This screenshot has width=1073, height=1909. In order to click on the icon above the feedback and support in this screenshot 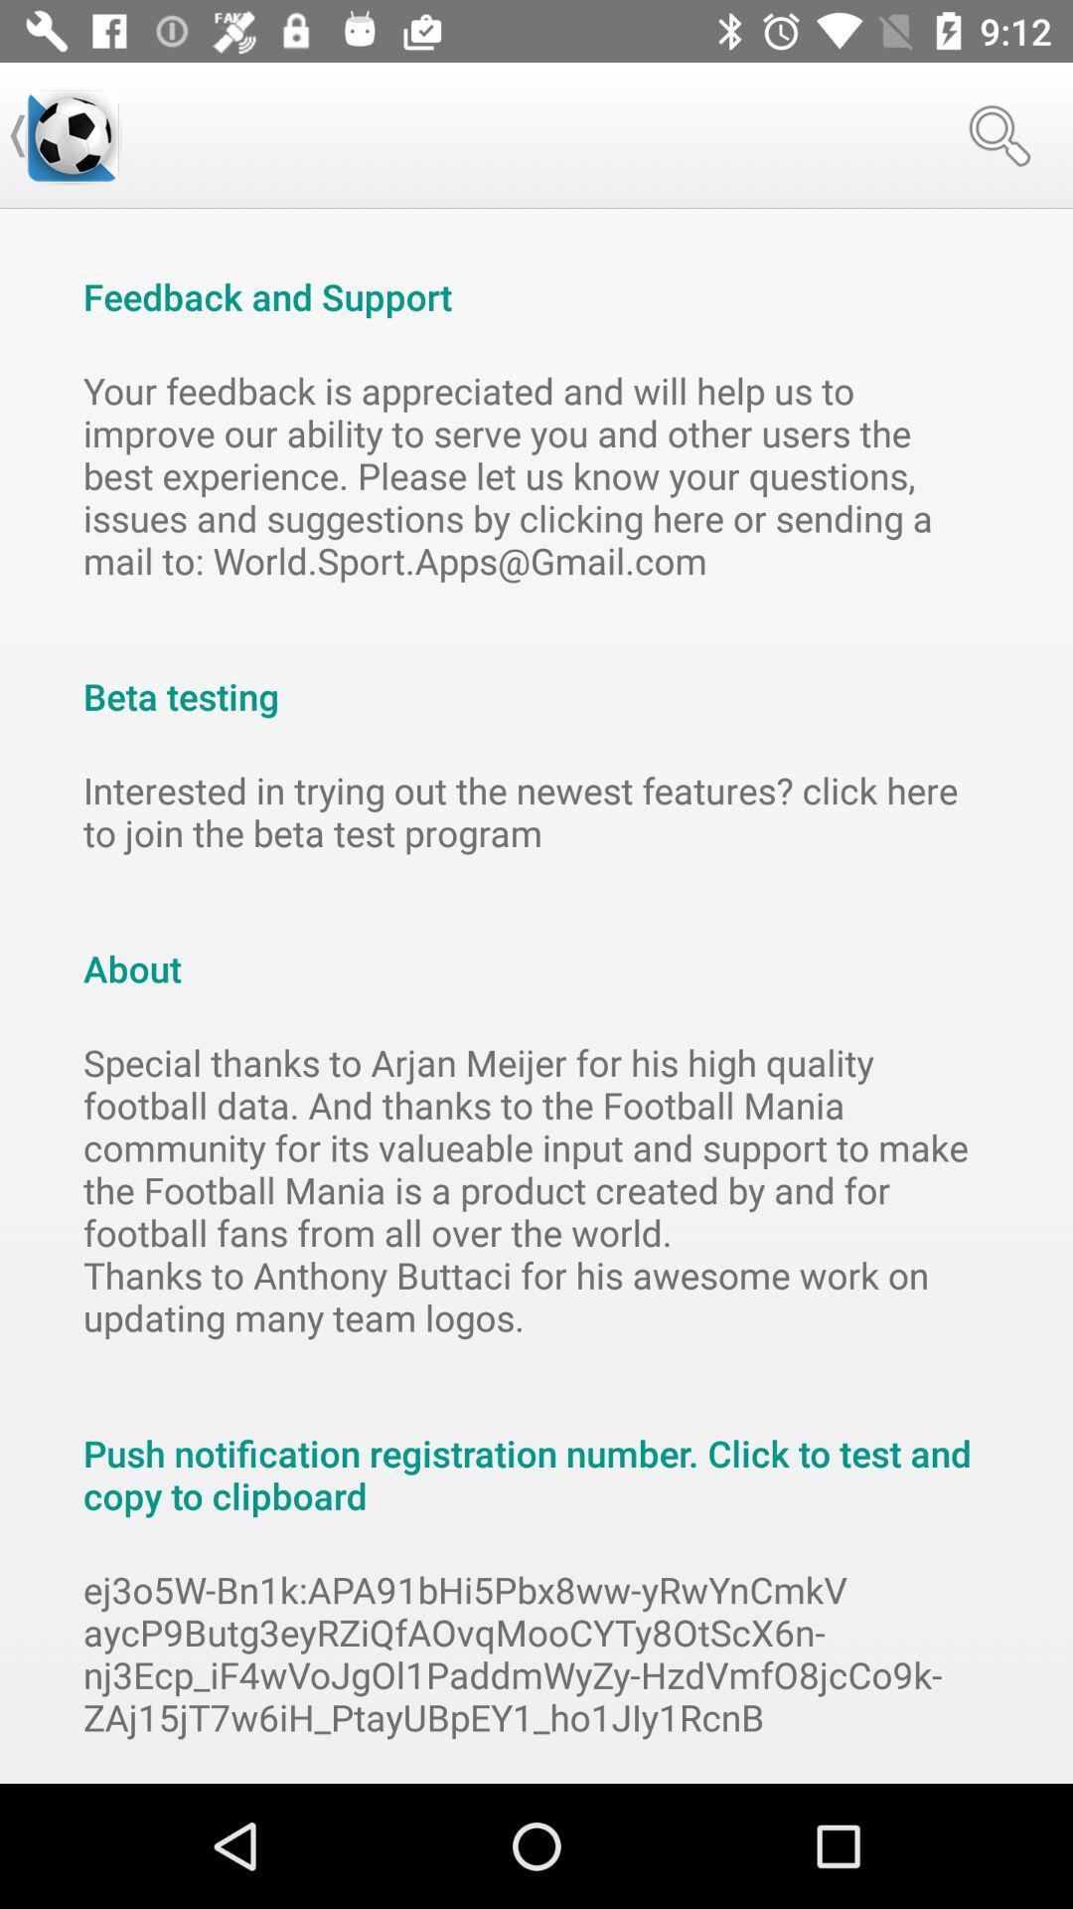, I will do `click(72, 134)`.